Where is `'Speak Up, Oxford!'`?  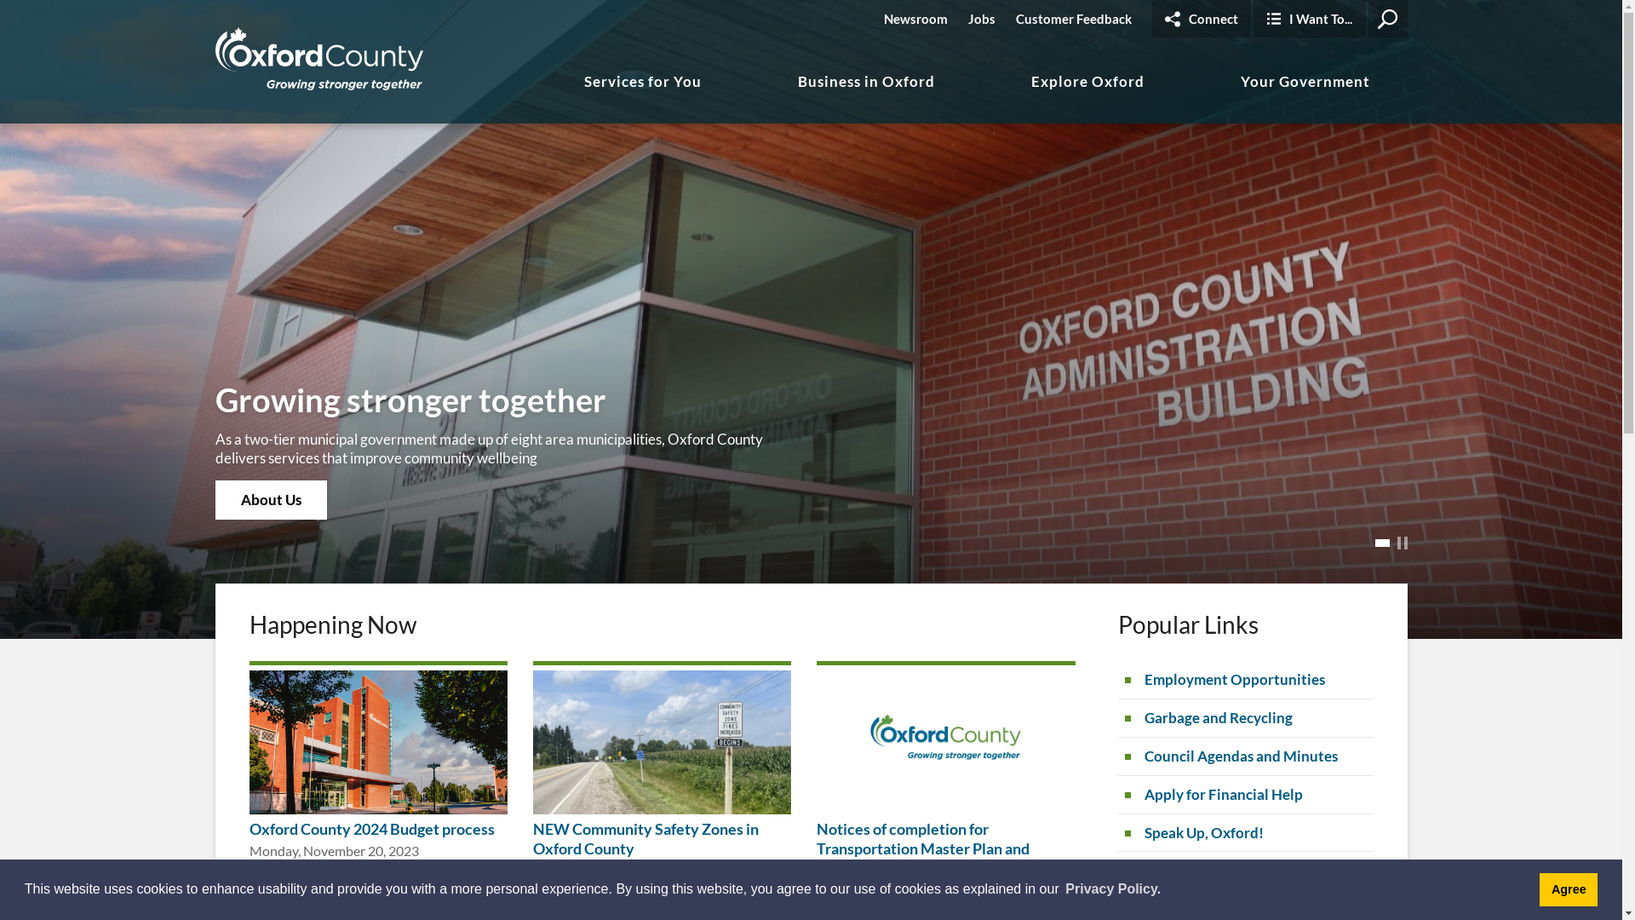
'Speak Up, Oxford!' is located at coordinates (1245, 832).